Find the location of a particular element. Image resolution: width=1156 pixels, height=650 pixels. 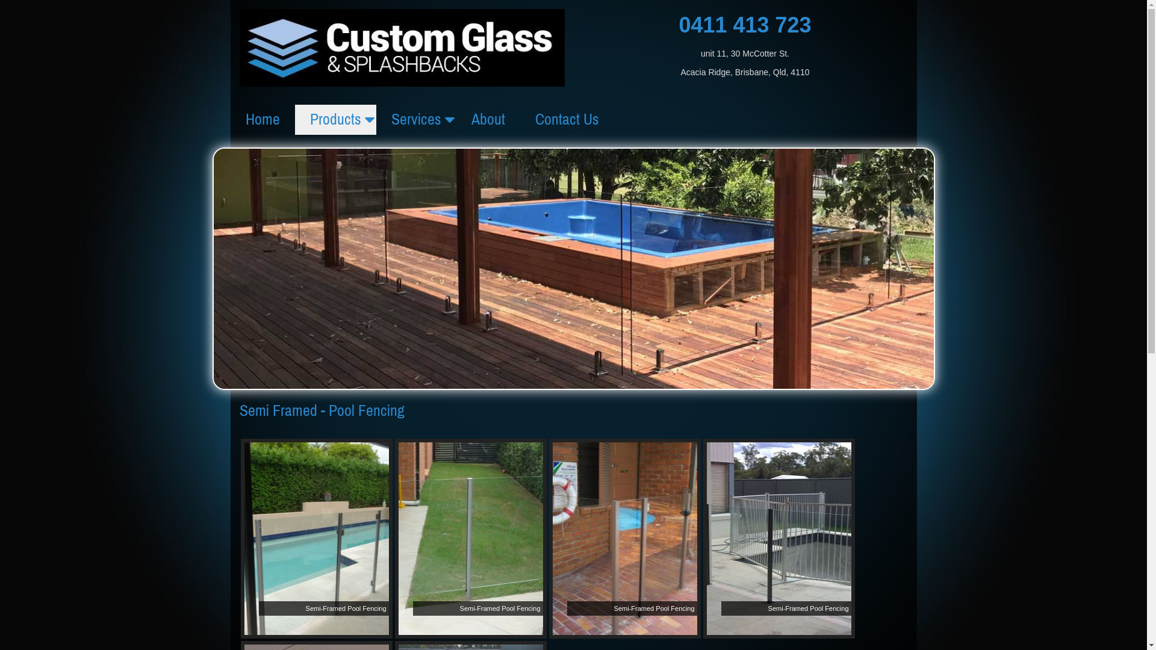

'Products' is located at coordinates (294, 120).